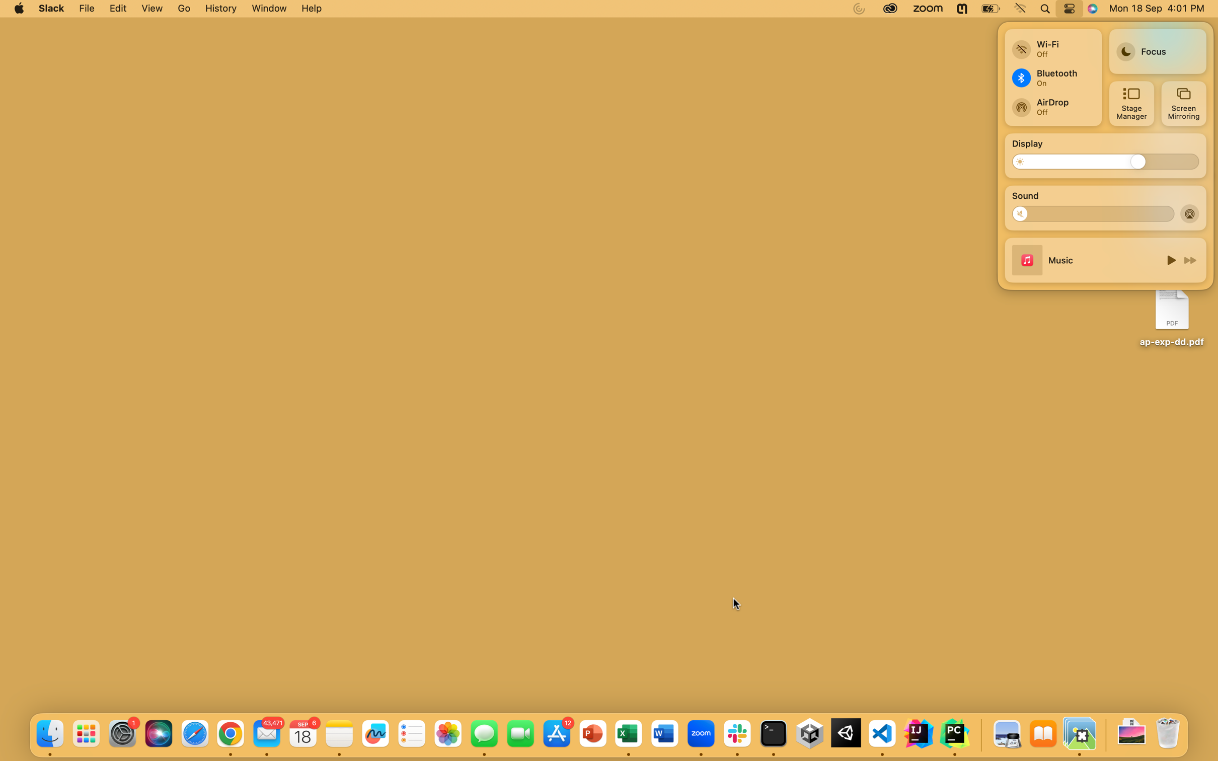 The image size is (1218, 761). Describe the element at coordinates (1190, 213) in the screenshot. I see `Turn off airdrop` at that location.